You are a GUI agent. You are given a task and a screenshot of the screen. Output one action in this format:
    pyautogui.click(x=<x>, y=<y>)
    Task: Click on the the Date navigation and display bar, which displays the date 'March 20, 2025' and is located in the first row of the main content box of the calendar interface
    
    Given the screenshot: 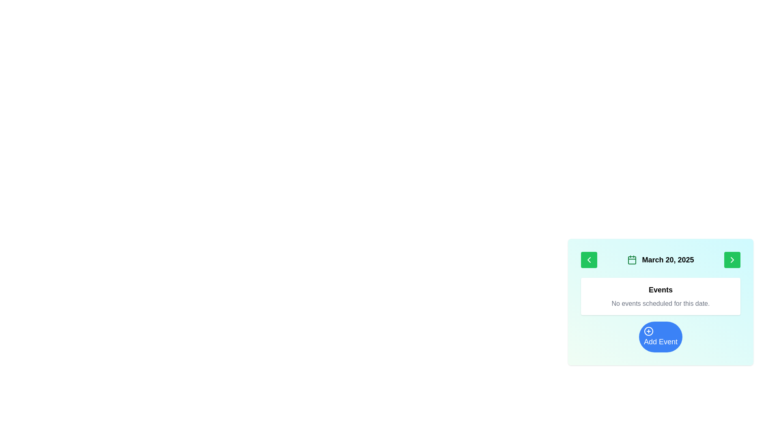 What is the action you would take?
    pyautogui.click(x=661, y=260)
    